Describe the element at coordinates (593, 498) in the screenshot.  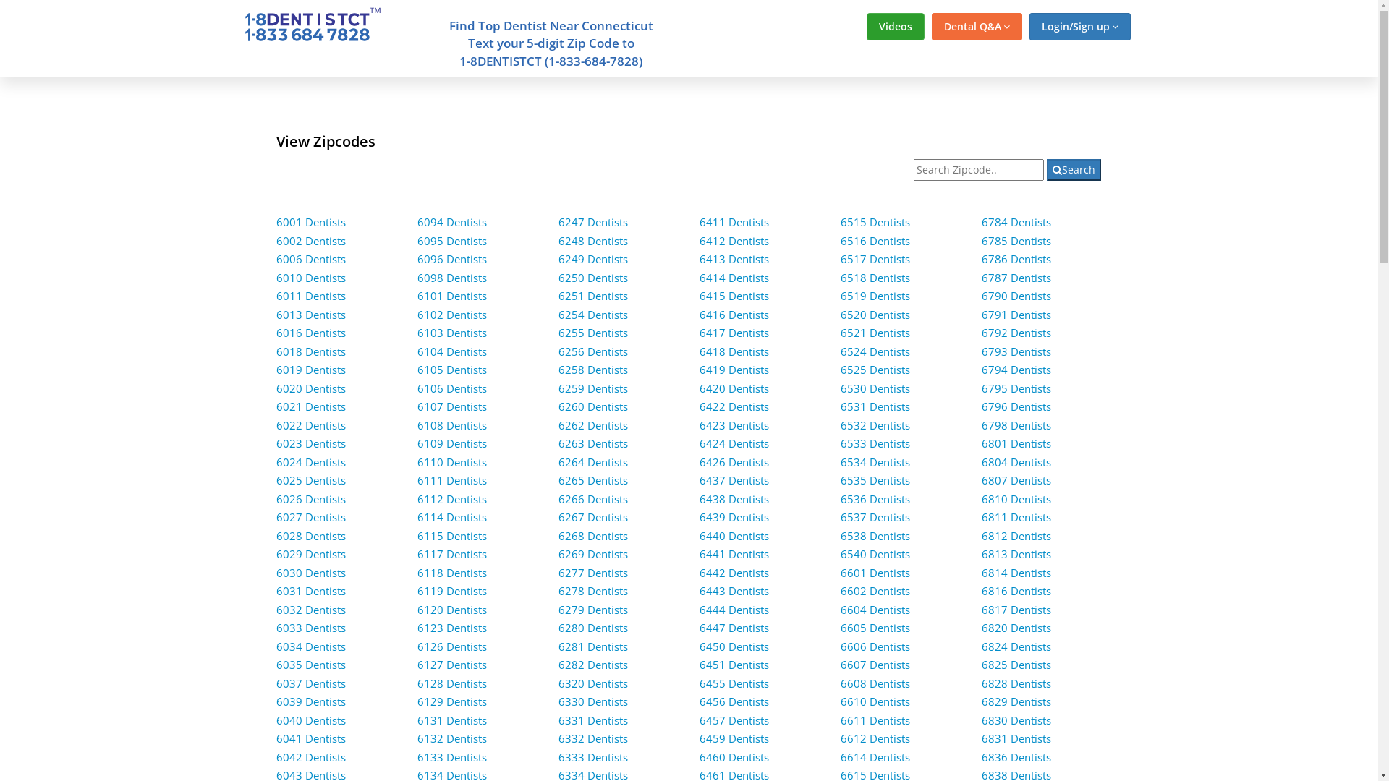
I see `'6266 Dentists'` at that location.